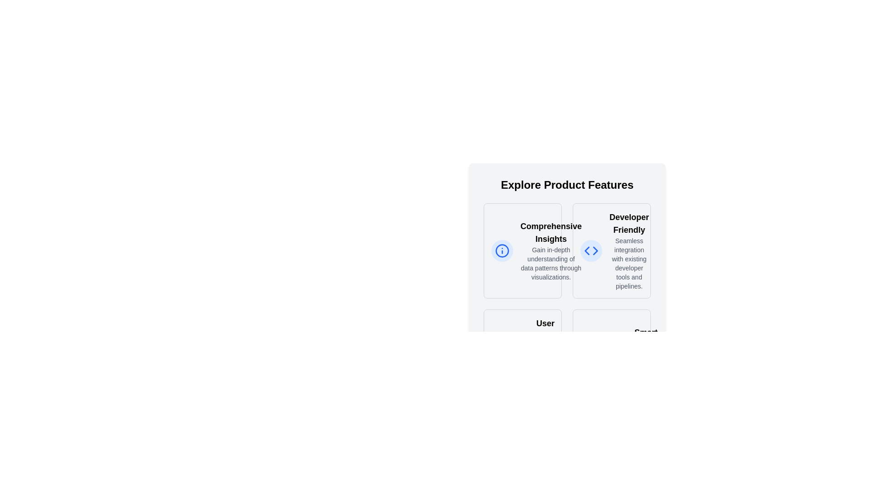 The height and width of the screenshot is (490, 872). I want to click on the explanatory text element that provides details about the 'Comprehensive Insights' feature, located directly beneath the 'Comprehensive Insights' sibling in the 'Explore Product Features' section, so click(550, 264).